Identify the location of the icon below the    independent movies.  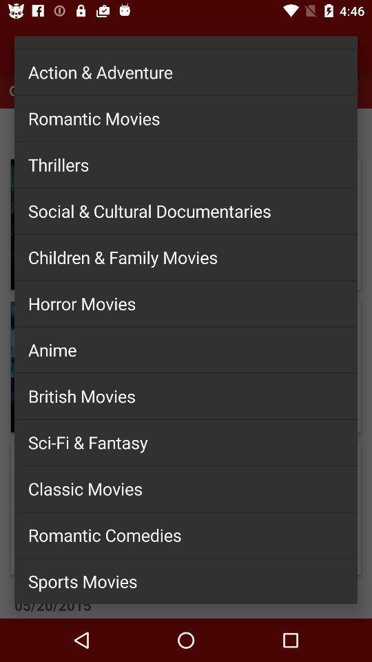
(186, 72).